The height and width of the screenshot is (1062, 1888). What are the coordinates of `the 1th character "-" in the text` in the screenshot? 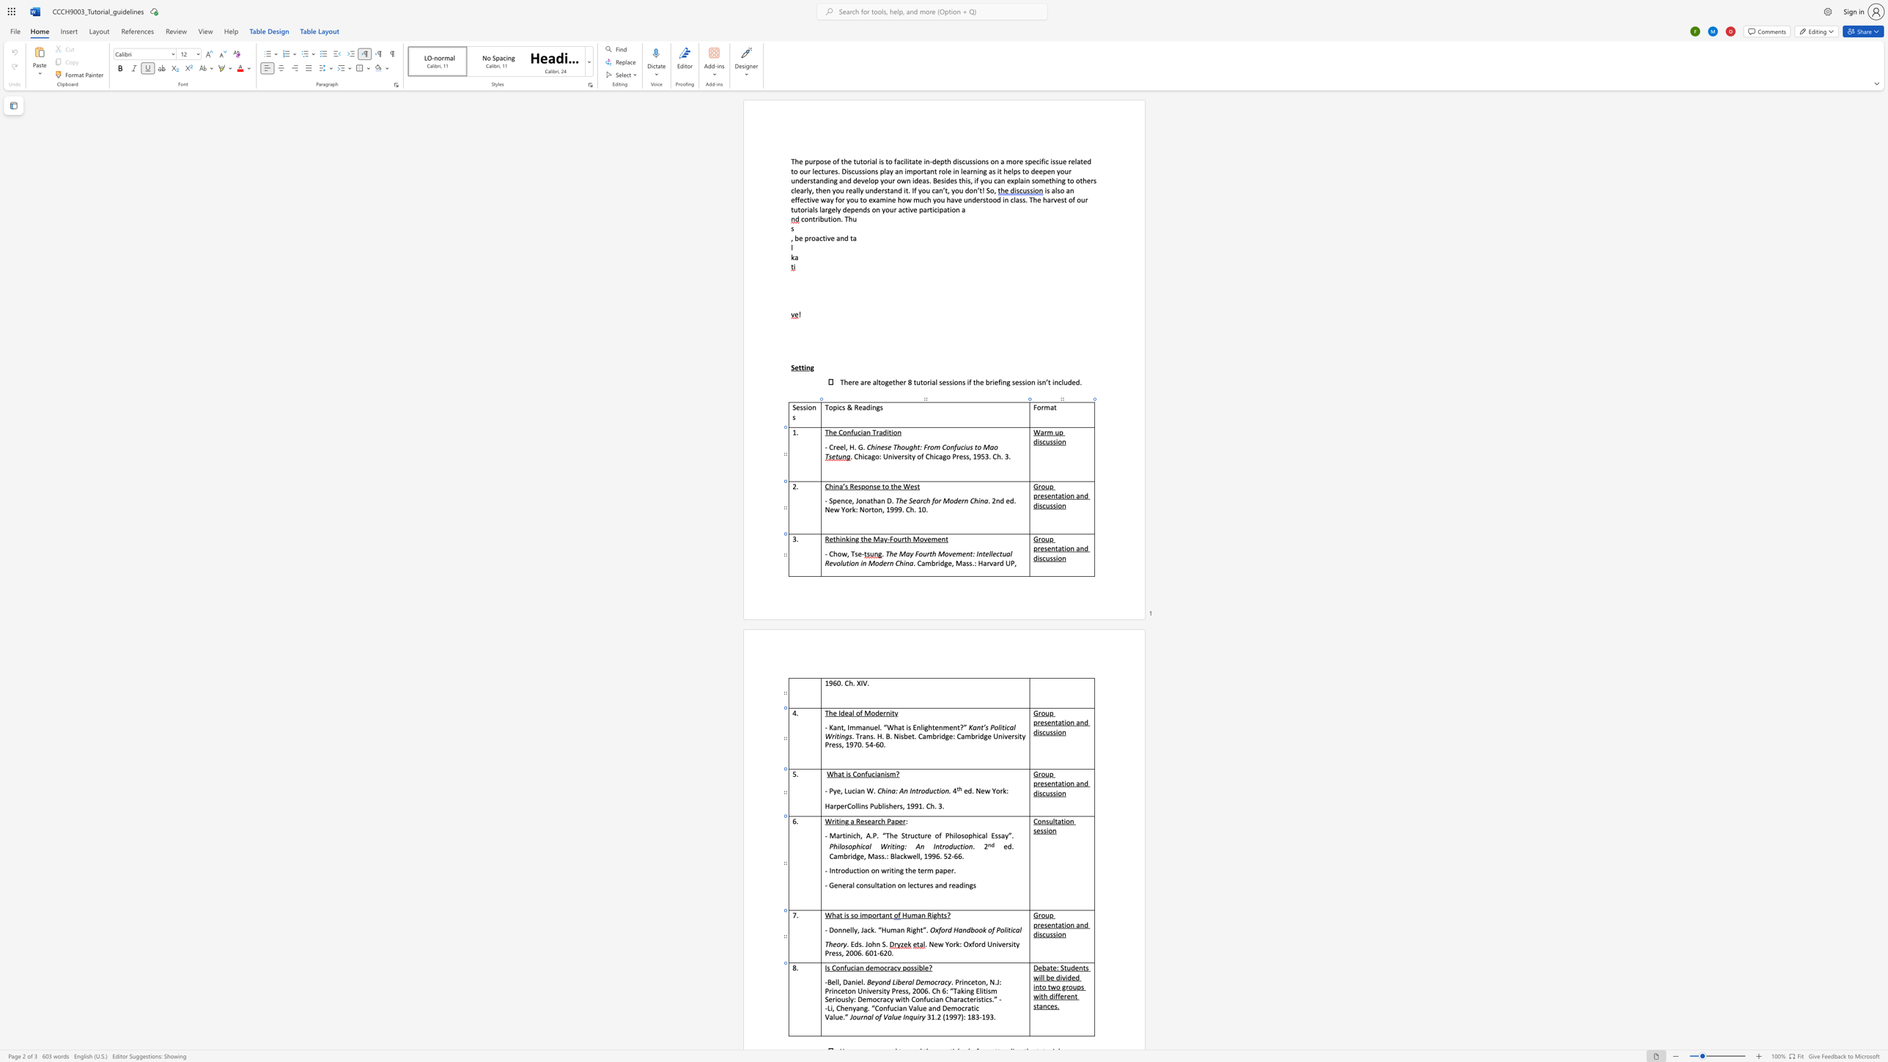 It's located at (826, 929).